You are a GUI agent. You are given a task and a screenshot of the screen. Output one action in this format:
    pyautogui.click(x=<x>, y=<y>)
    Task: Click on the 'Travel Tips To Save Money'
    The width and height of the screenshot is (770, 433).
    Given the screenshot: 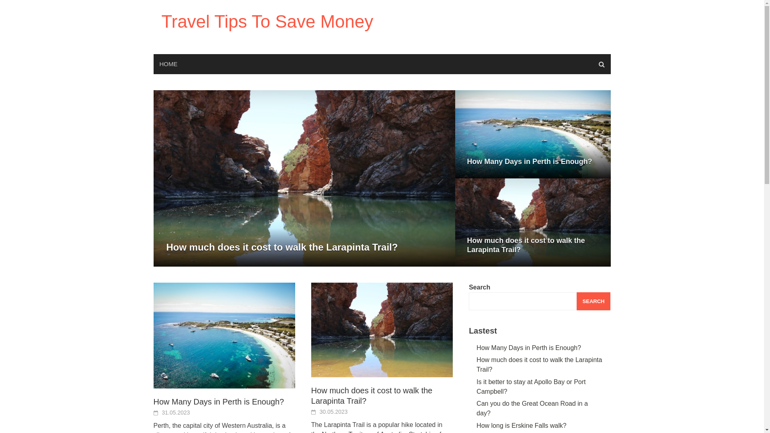 What is the action you would take?
    pyautogui.click(x=267, y=21)
    